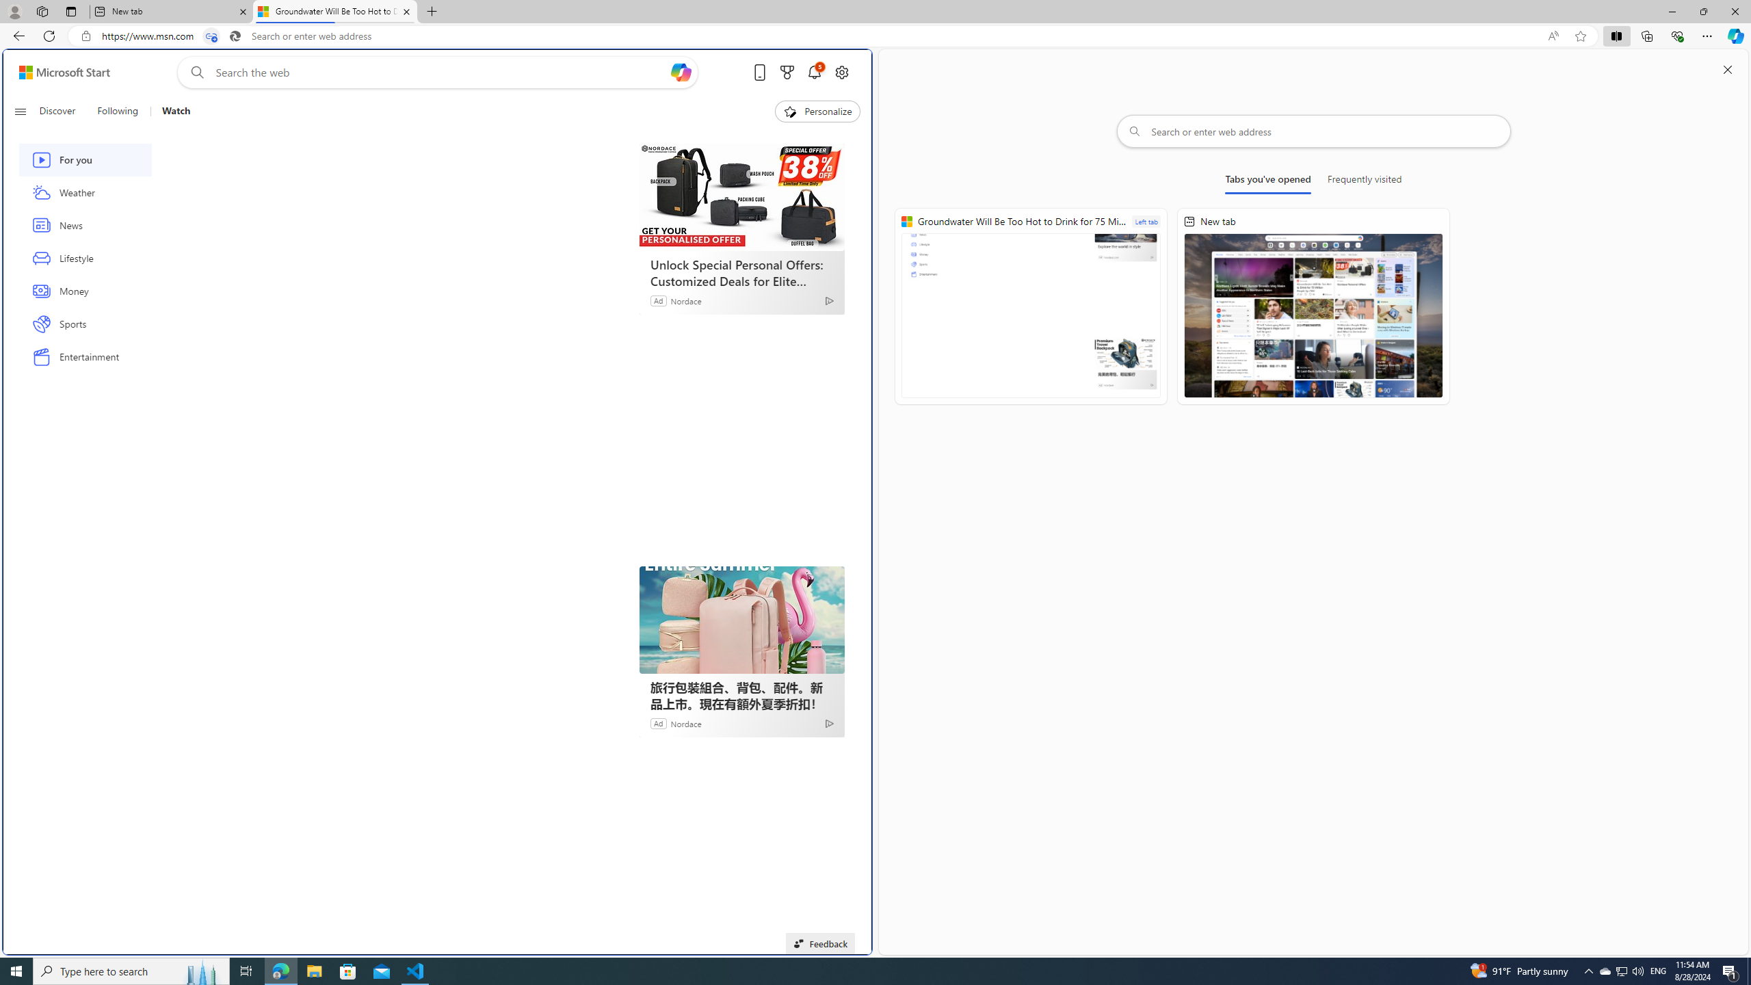  What do you see at coordinates (59, 71) in the screenshot?
I see `'Skip to content'` at bounding box center [59, 71].